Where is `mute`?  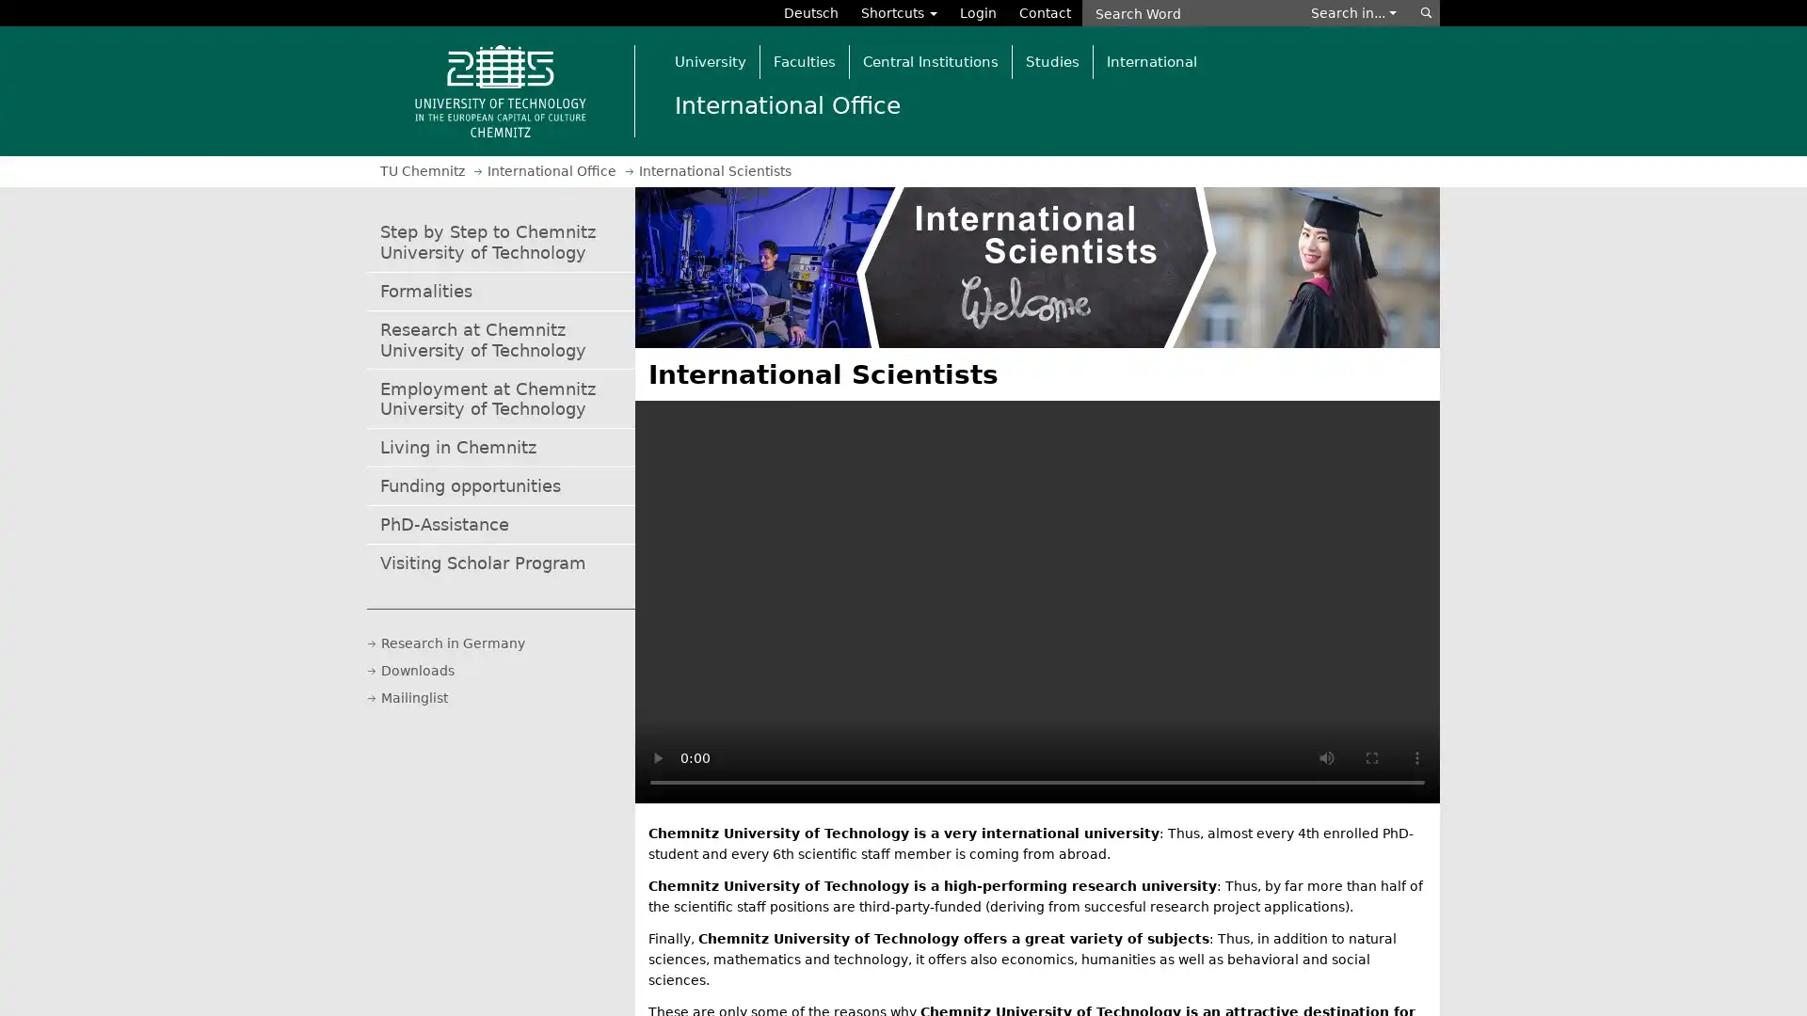
mute is located at coordinates (1326, 756).